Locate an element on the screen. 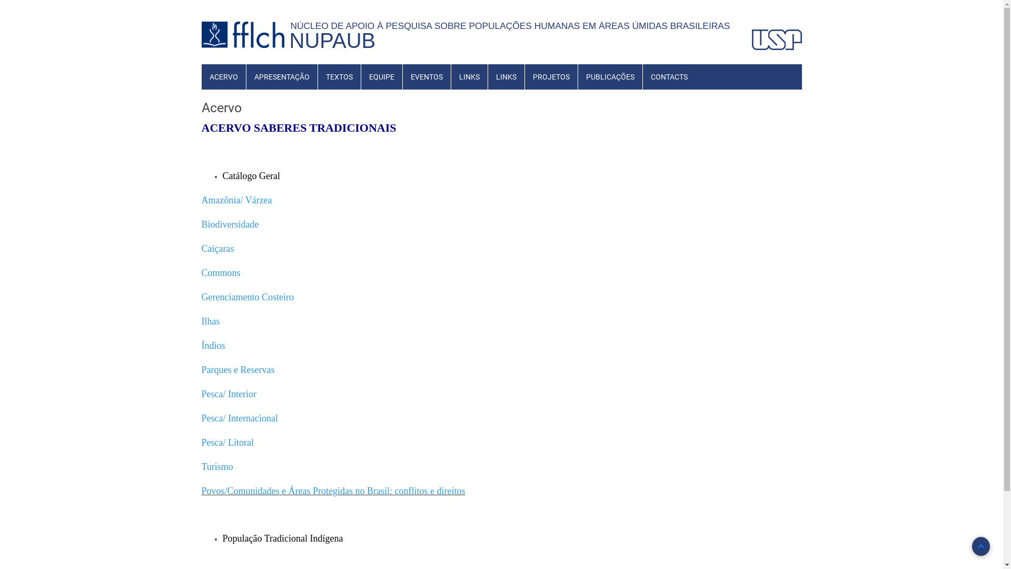  'EVENTOS' is located at coordinates (426, 76).